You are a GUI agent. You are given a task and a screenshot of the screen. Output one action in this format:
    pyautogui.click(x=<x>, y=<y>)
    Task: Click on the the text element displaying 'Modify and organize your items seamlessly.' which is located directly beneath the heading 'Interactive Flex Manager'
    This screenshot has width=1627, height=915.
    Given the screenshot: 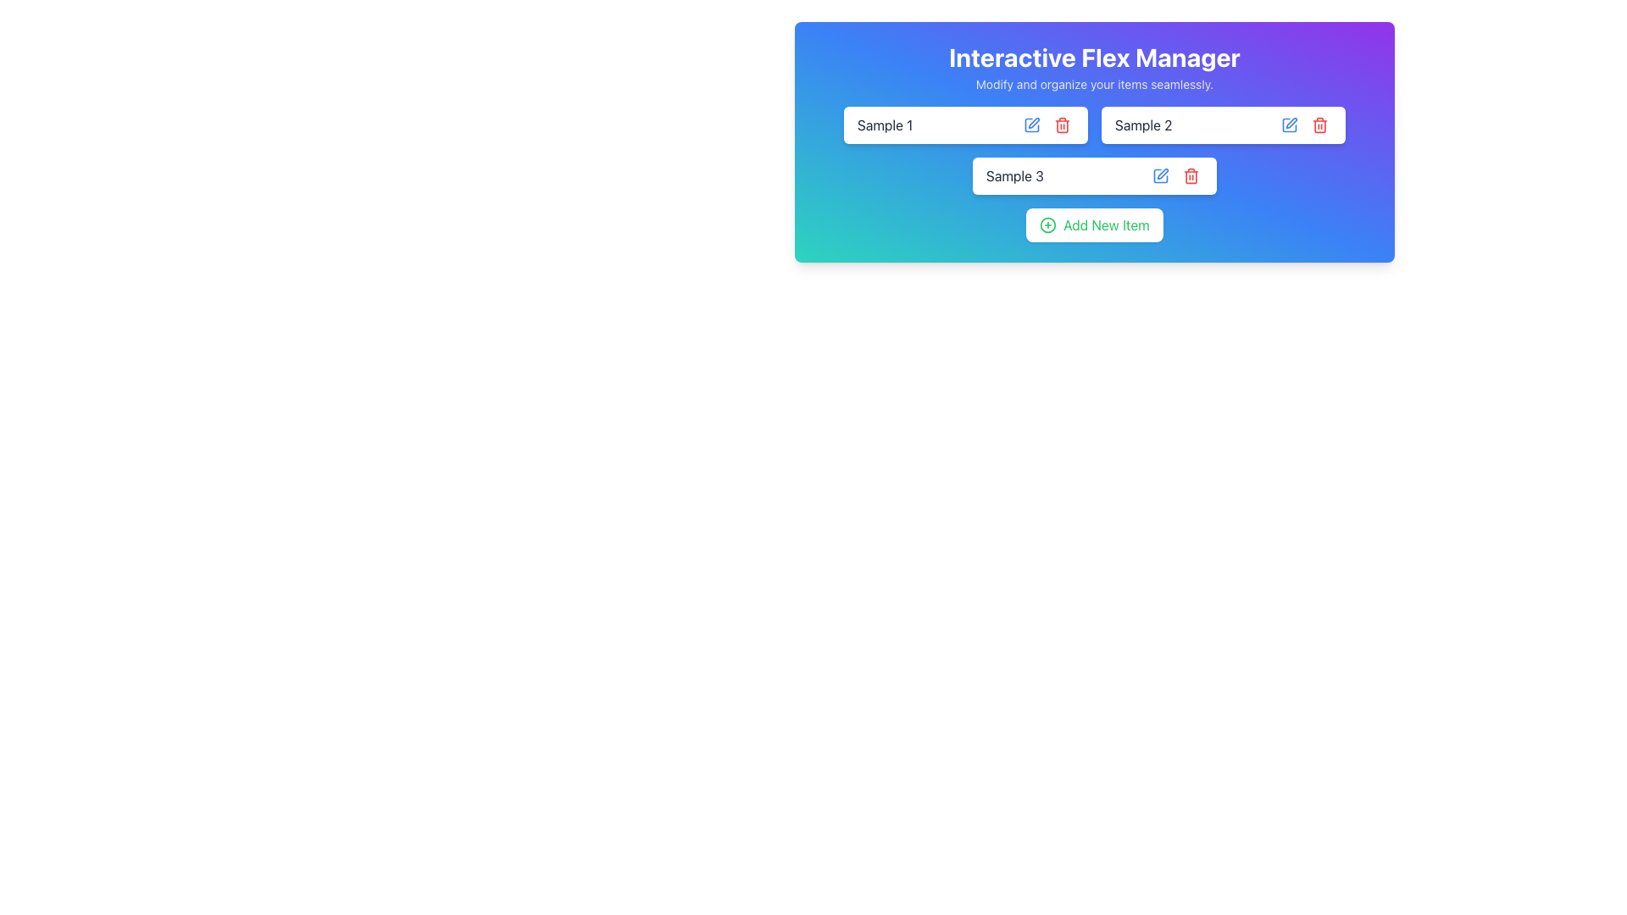 What is the action you would take?
    pyautogui.click(x=1094, y=85)
    